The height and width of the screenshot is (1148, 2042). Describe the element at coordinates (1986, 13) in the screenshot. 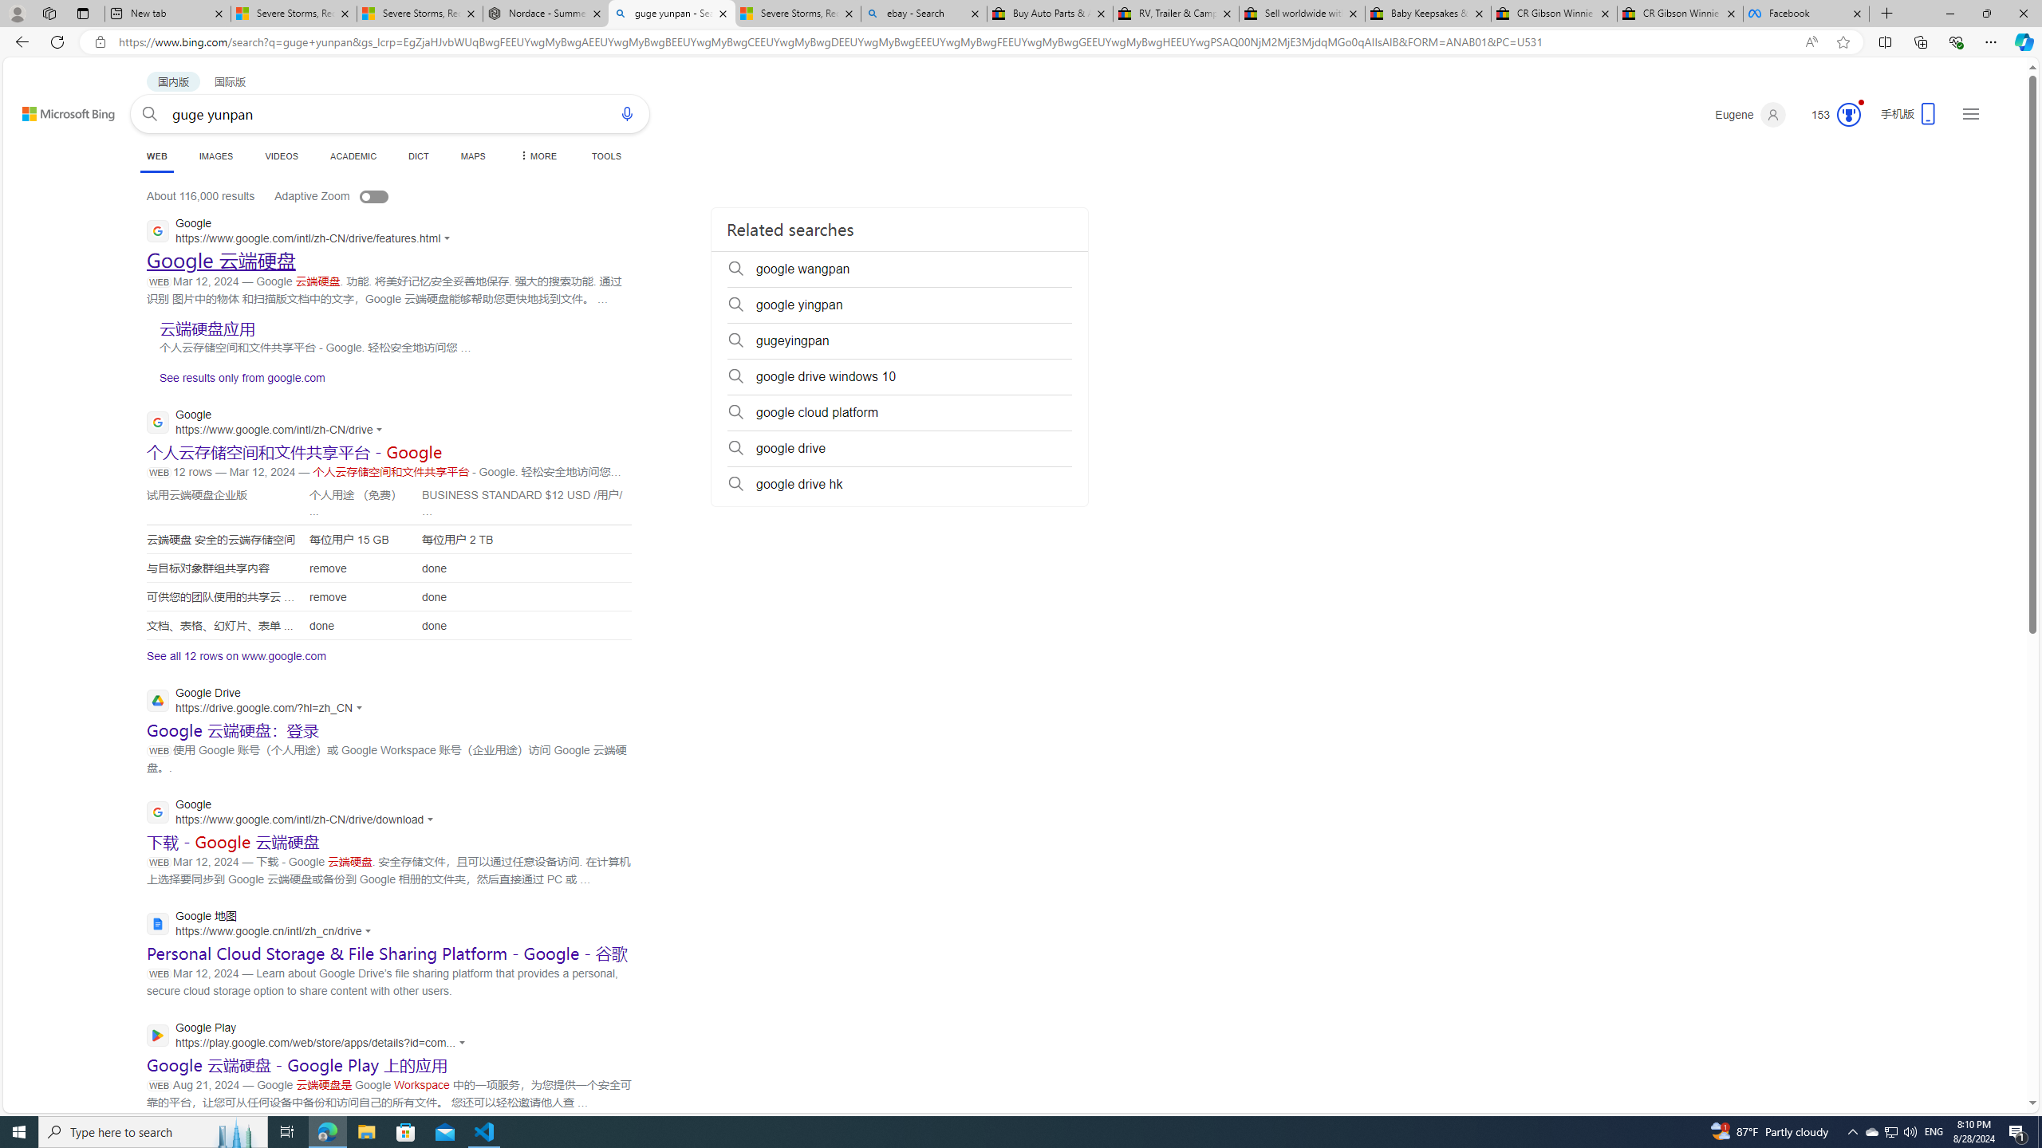

I see `'Restore'` at that location.